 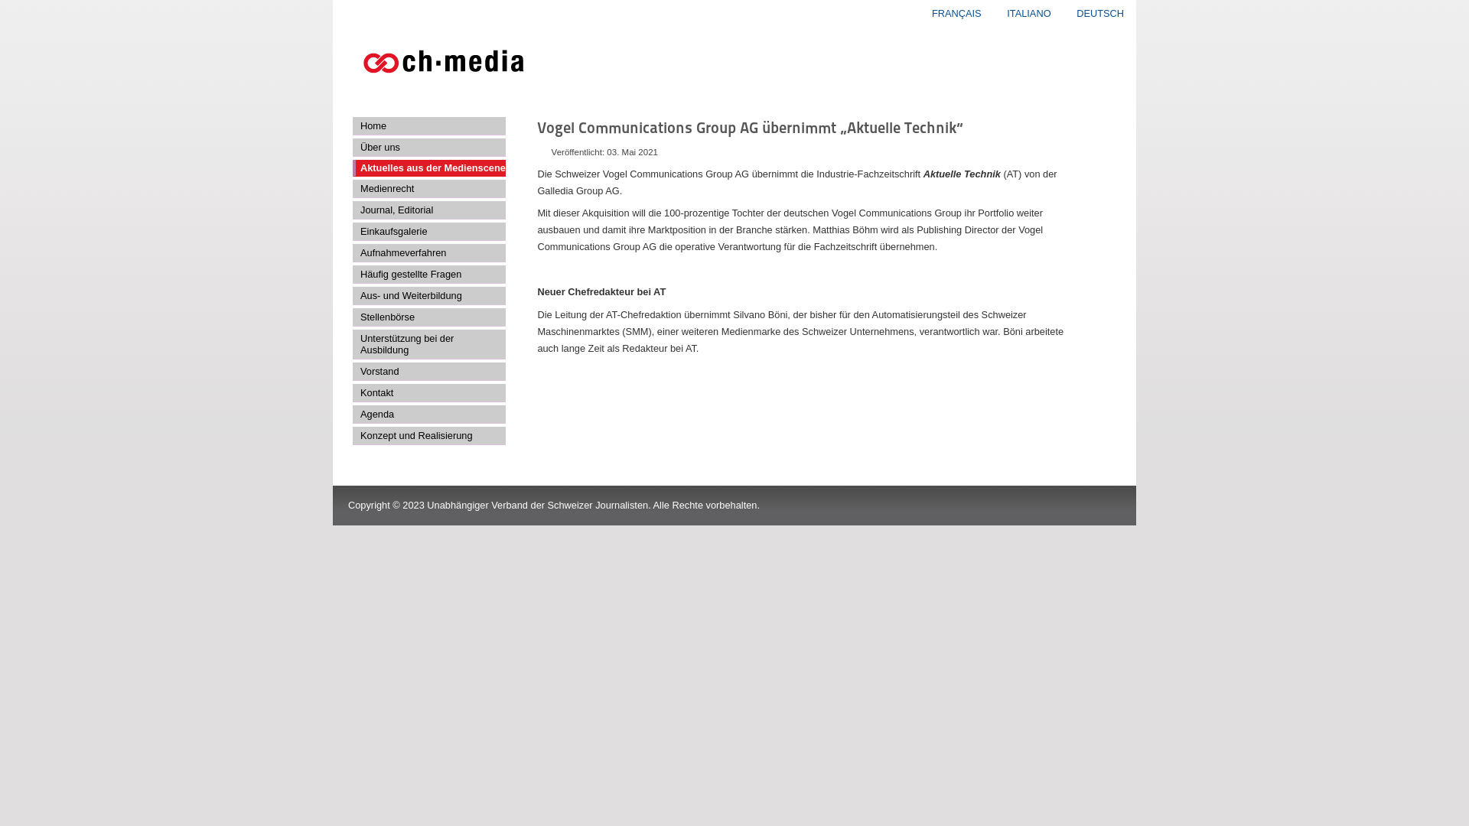 I want to click on 'DEUTSCH', so click(x=1099, y=13).